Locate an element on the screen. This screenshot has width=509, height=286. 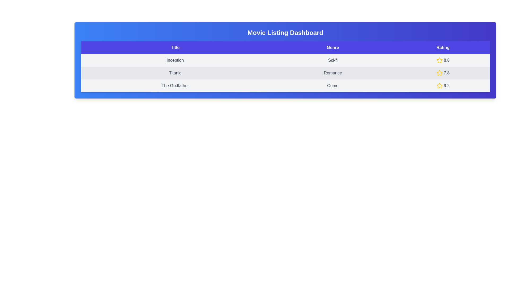
the third row of the Movie Listing Dashboard is located at coordinates (285, 86).